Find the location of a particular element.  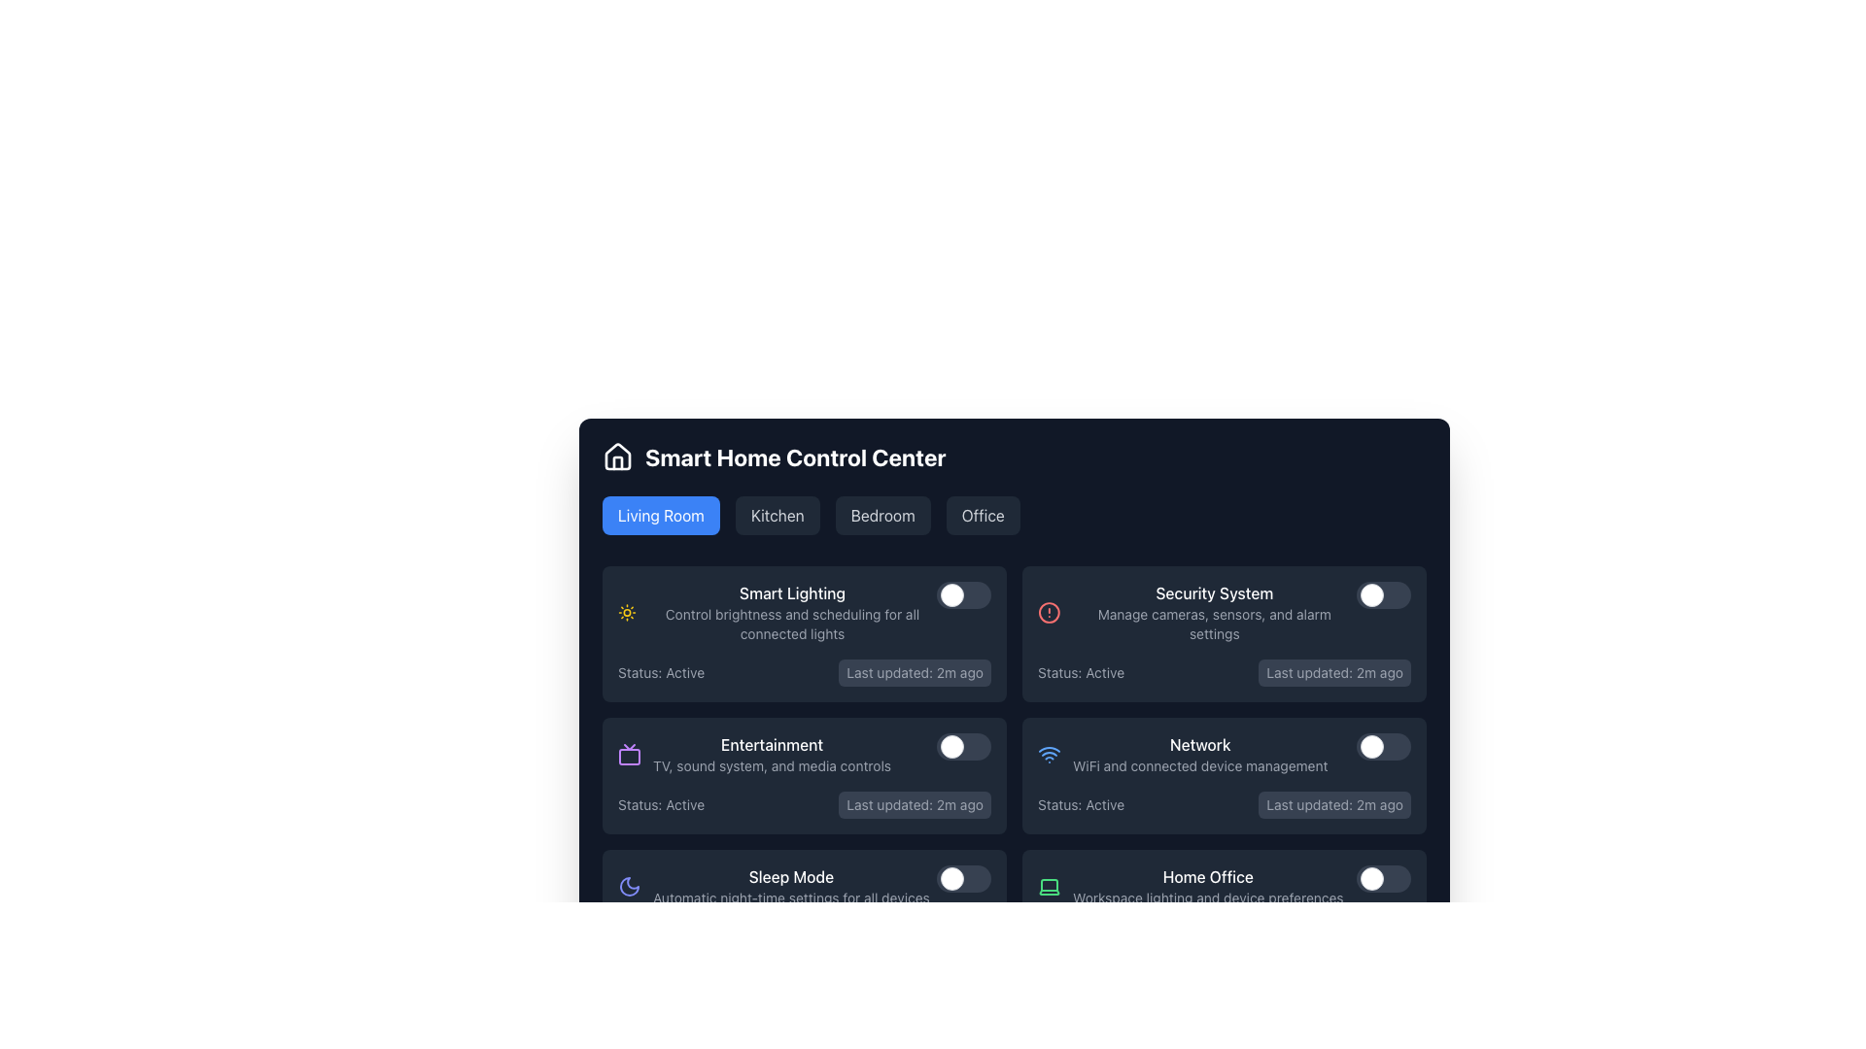

the 'Office' navigation button located in the horizontal navigation bar of the 'Smart Home Control Center' is located at coordinates (983, 515).